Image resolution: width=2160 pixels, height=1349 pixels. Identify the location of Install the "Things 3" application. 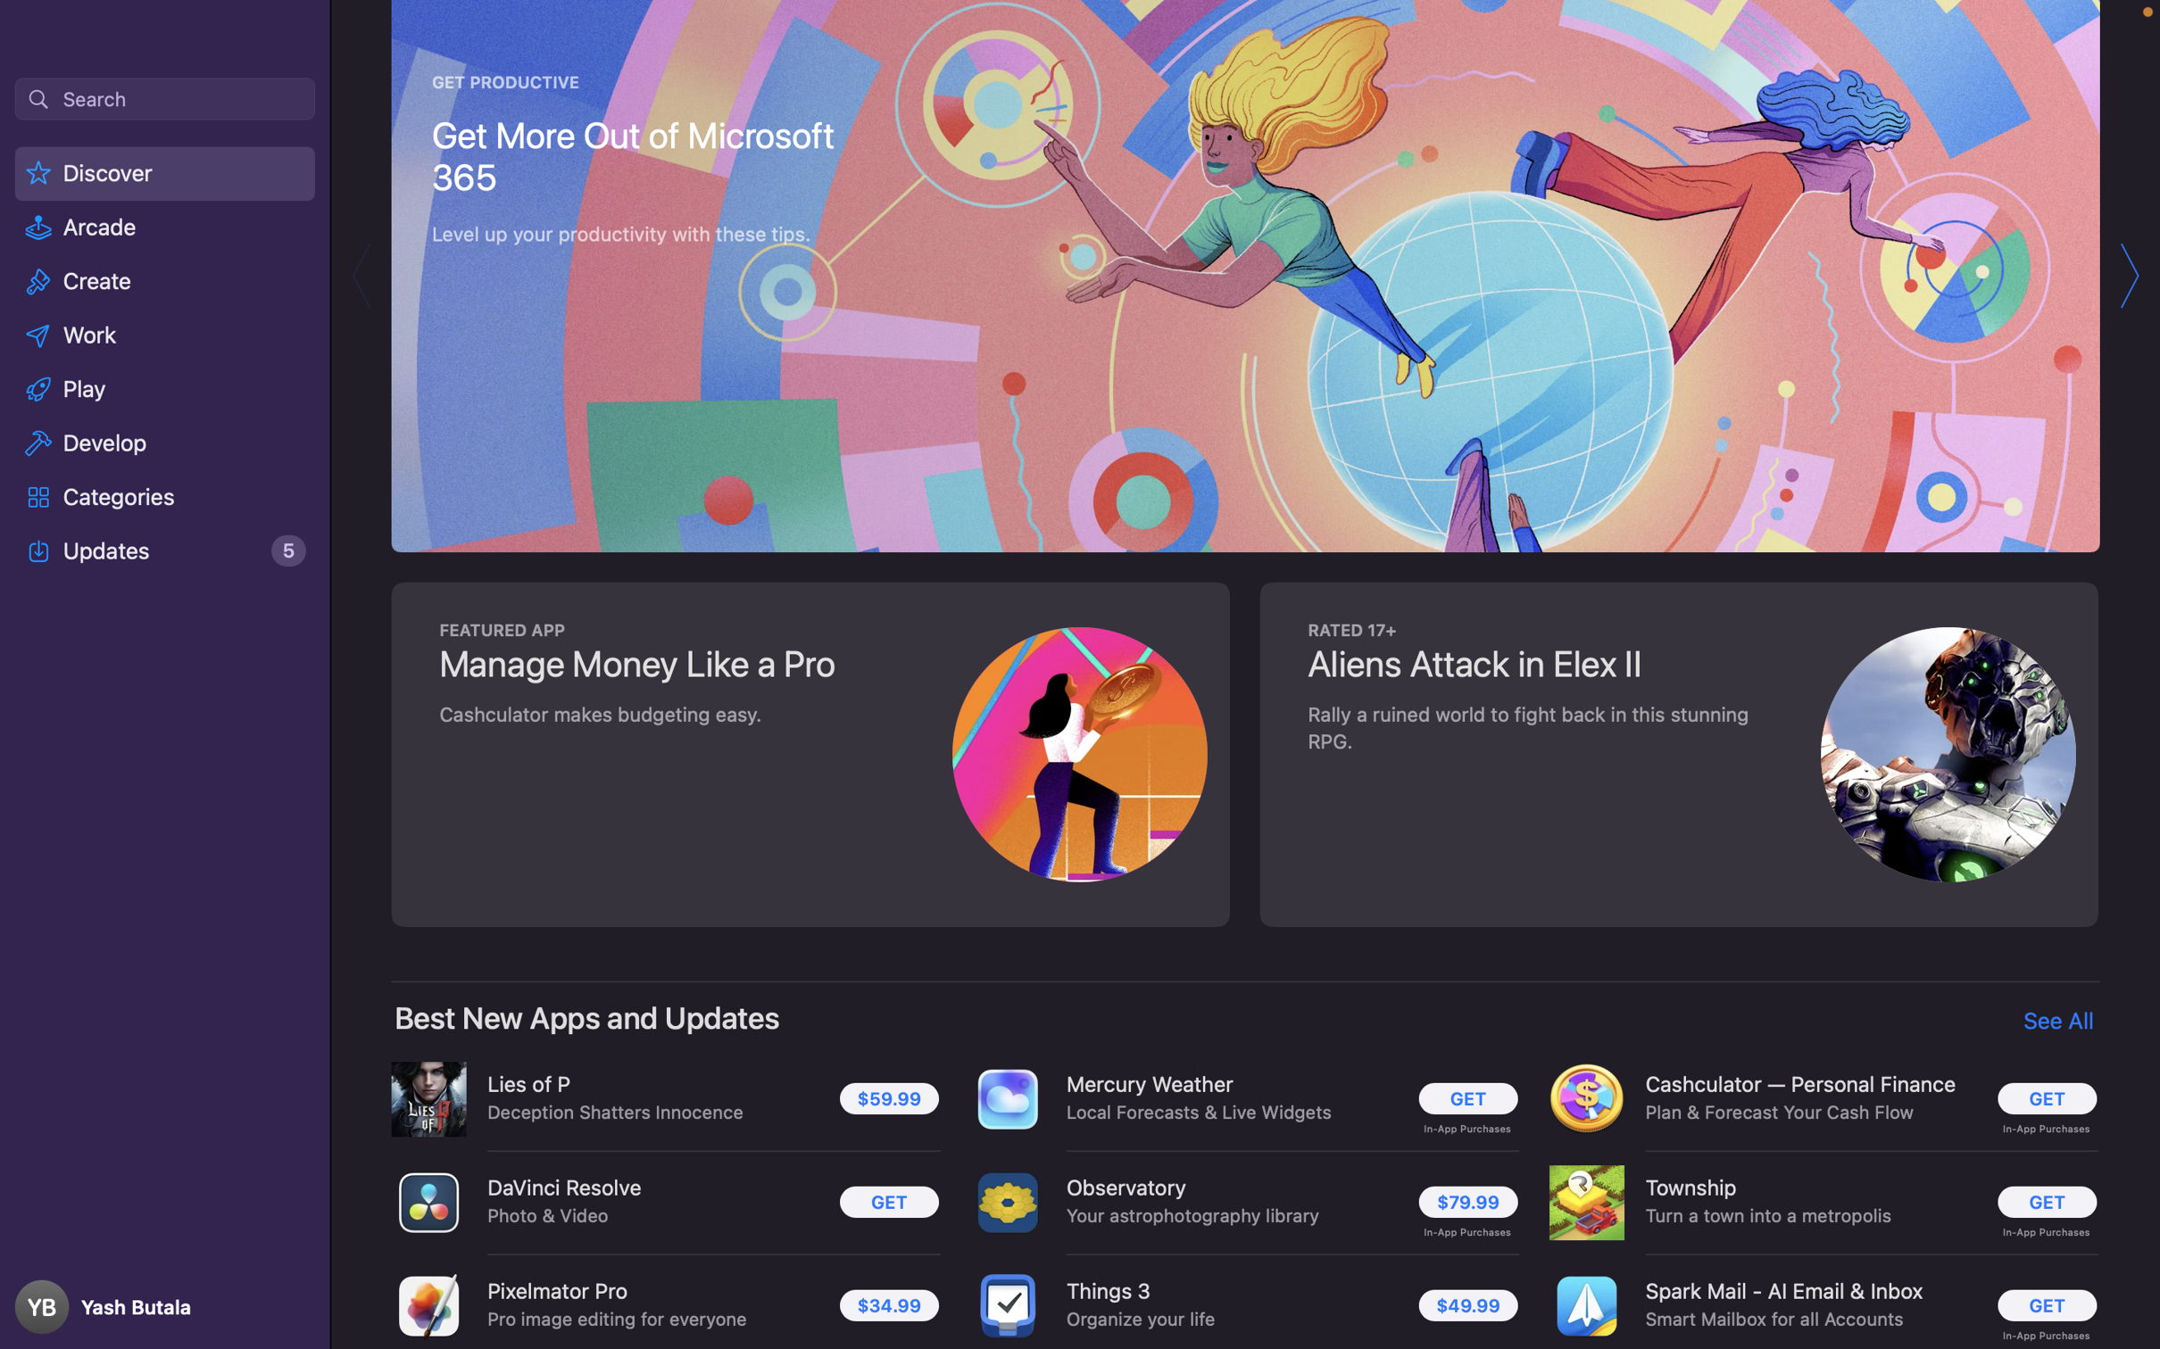
(1469, 1303).